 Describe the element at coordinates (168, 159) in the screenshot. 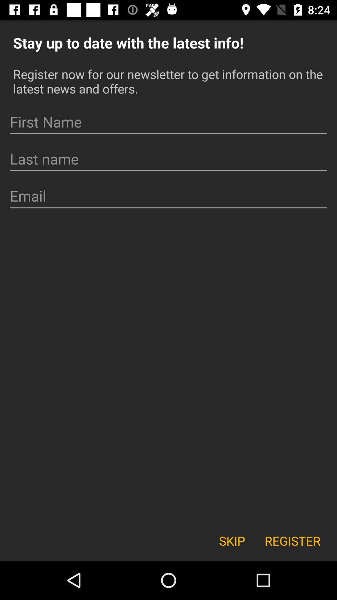

I see `last name` at that location.